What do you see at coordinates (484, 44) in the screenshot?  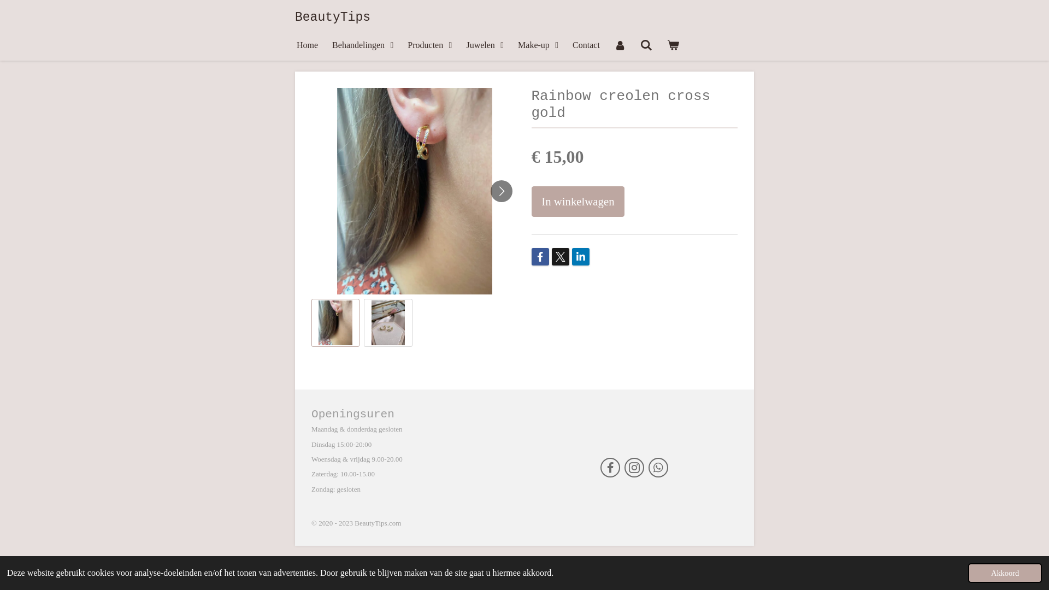 I see `'Juwelen'` at bounding box center [484, 44].